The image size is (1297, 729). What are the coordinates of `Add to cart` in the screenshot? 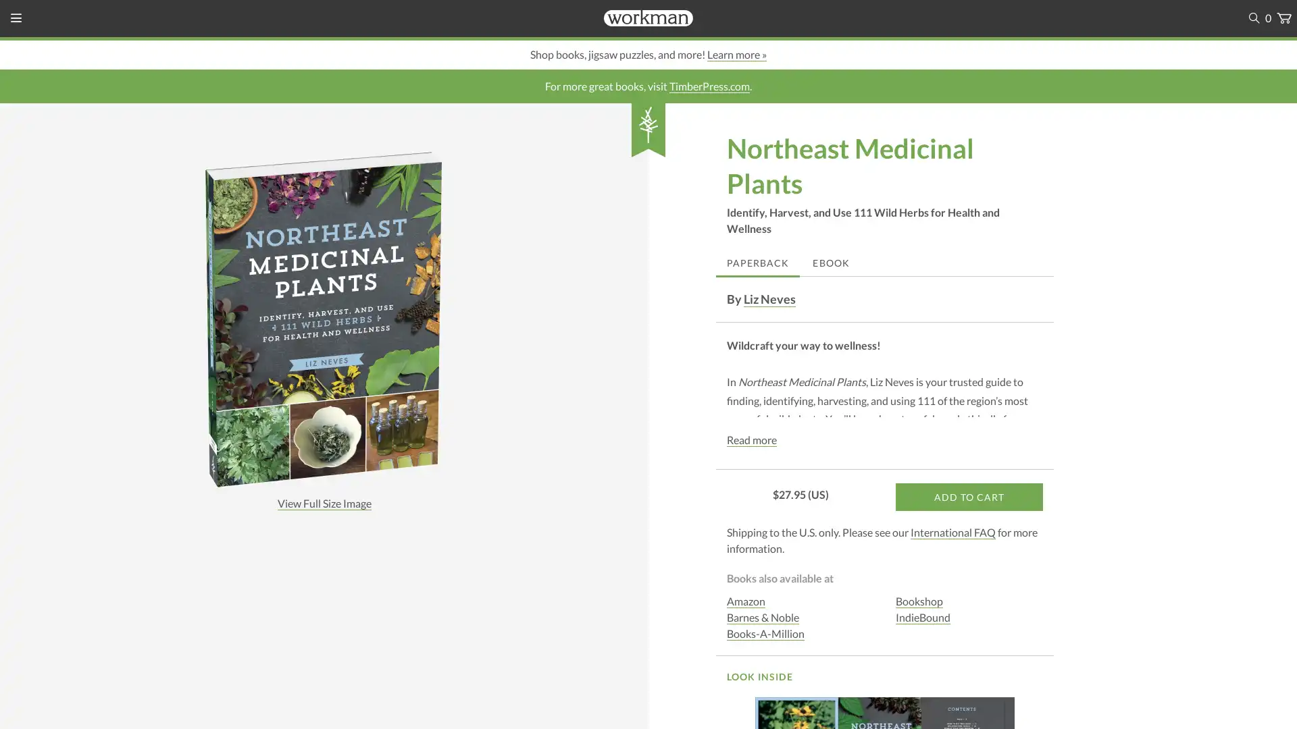 It's located at (969, 497).